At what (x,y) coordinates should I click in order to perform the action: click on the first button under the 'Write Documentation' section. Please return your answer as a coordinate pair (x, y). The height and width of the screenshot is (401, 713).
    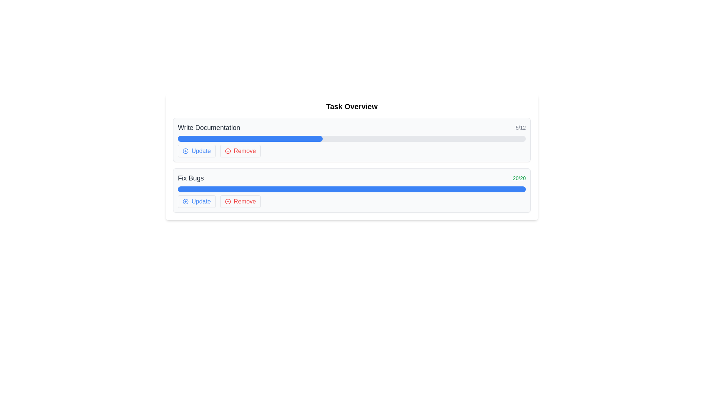
    Looking at the image, I should click on (196, 151).